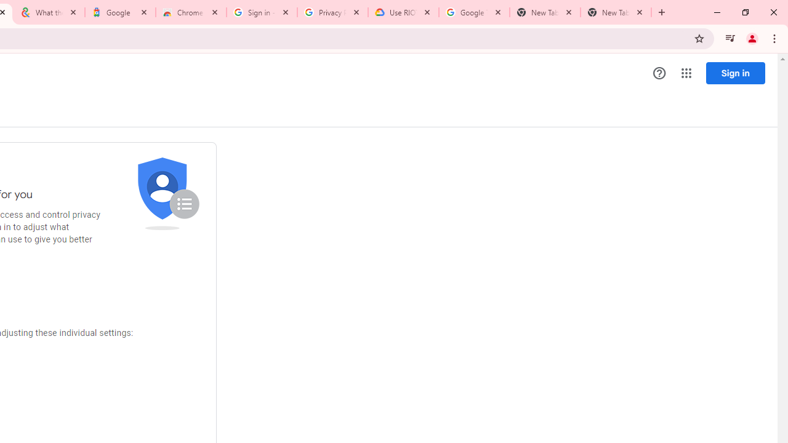 The height and width of the screenshot is (443, 788). What do you see at coordinates (191, 12) in the screenshot?
I see `'Chrome Web Store - Color themes by Chrome'` at bounding box center [191, 12].